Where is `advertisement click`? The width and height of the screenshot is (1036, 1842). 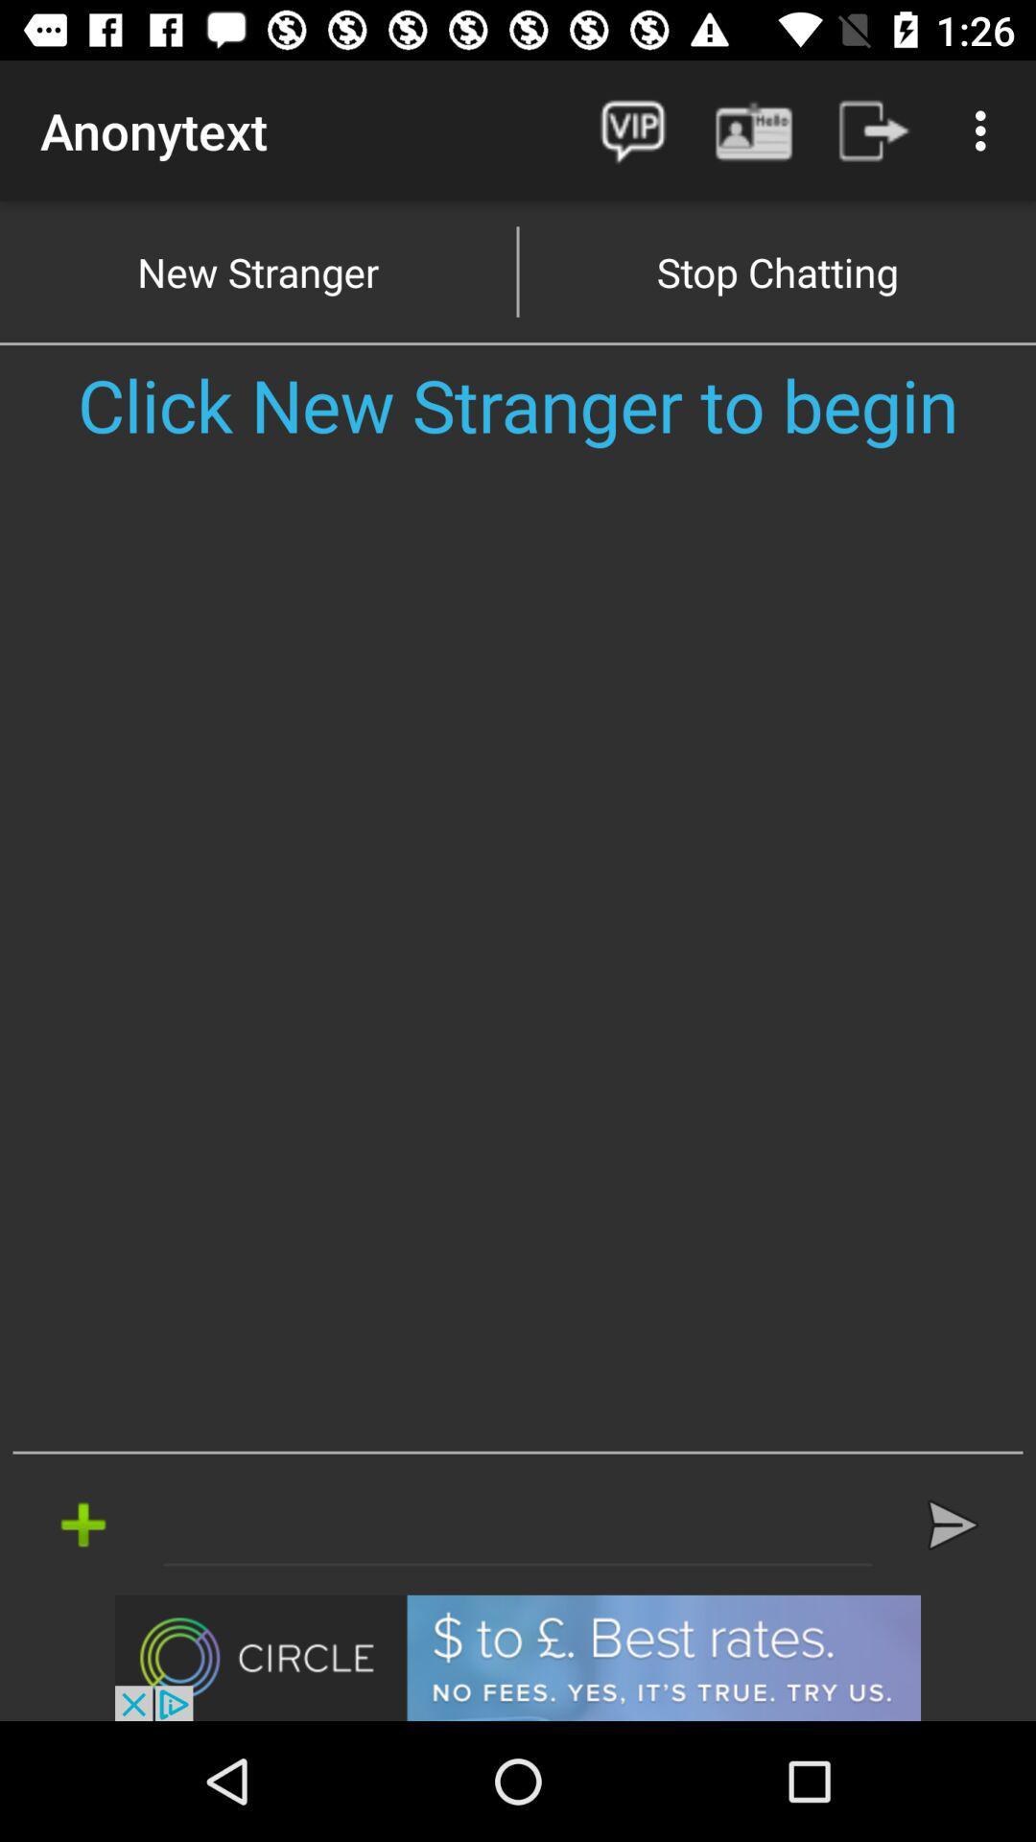
advertisement click is located at coordinates (518, 1657).